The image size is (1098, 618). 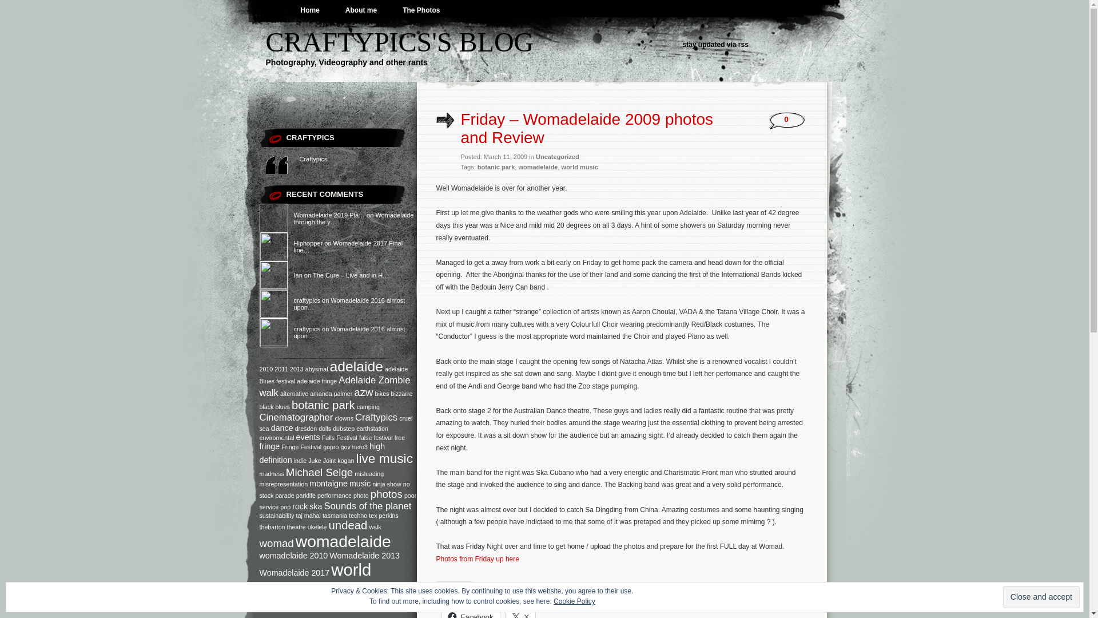 I want to click on 'dubstep', so click(x=343, y=428).